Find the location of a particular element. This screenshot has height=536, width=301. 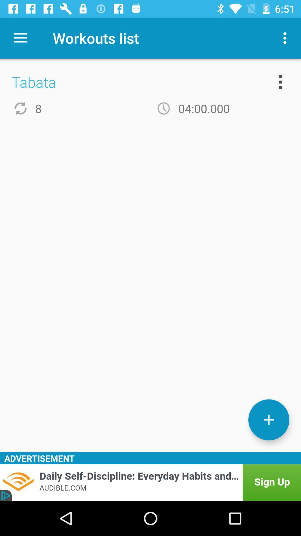

icon above tabata icon is located at coordinates (20, 38).